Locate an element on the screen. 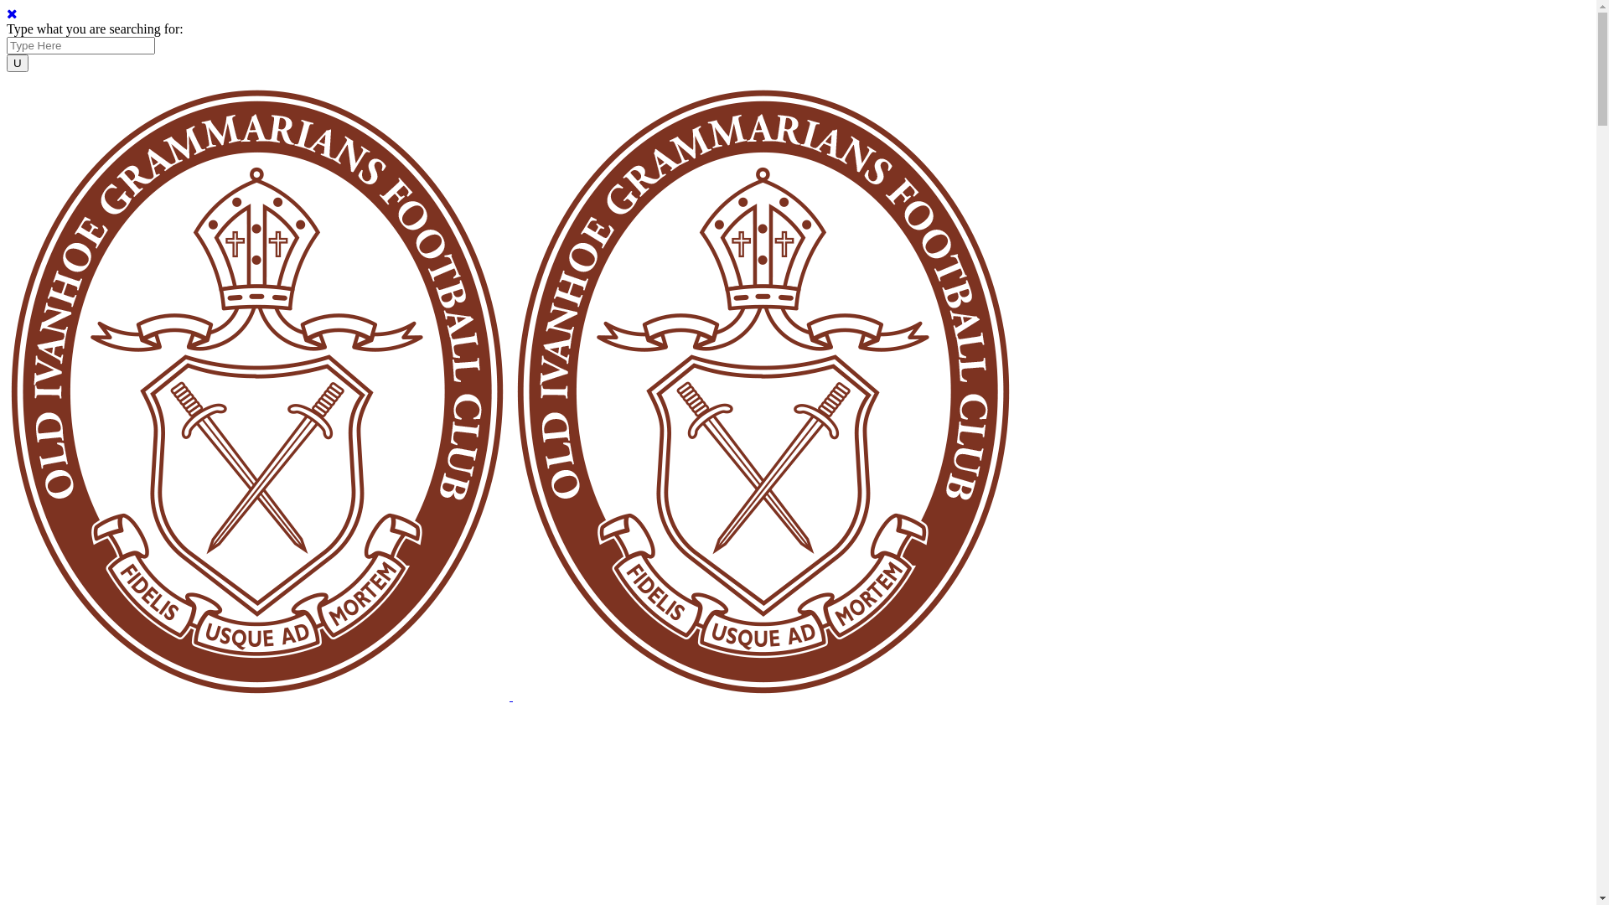  'U' is located at coordinates (17, 62).